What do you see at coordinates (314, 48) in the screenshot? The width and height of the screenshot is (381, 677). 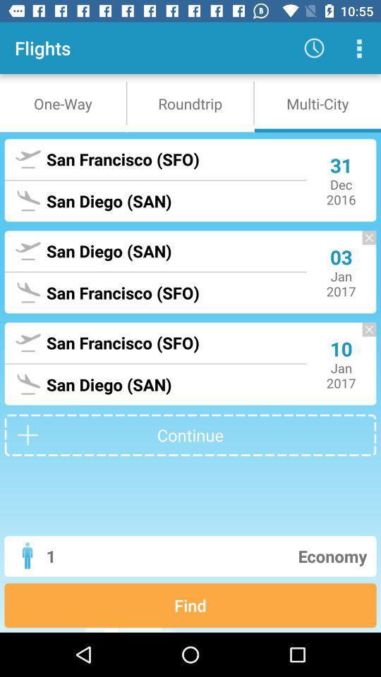 I see `app next to the flights item` at bounding box center [314, 48].